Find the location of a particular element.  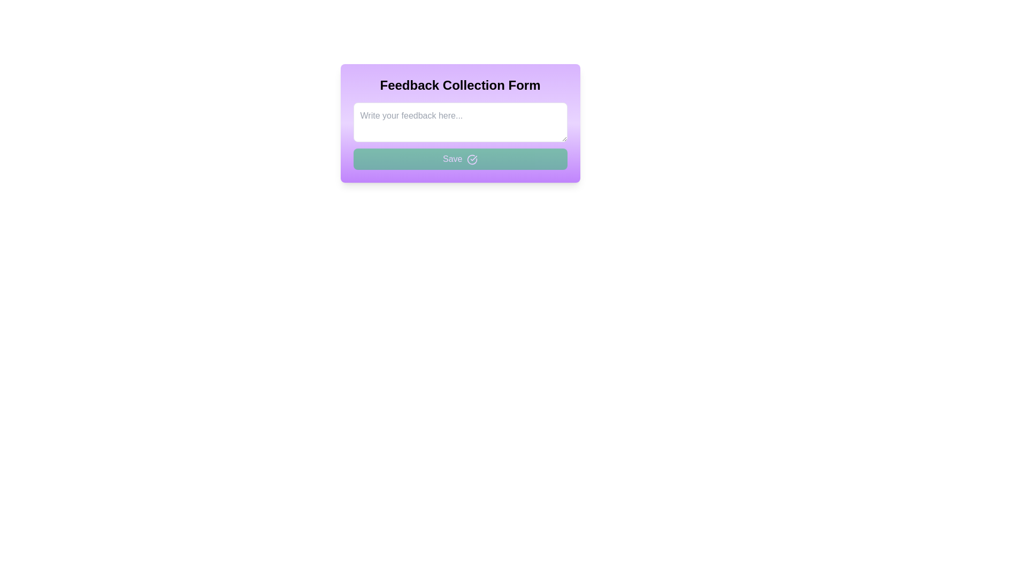

the curved graphic segment that is part of the circular icon inside the green 'Save' button located at the bottom of the purple form box is located at coordinates (472, 159).